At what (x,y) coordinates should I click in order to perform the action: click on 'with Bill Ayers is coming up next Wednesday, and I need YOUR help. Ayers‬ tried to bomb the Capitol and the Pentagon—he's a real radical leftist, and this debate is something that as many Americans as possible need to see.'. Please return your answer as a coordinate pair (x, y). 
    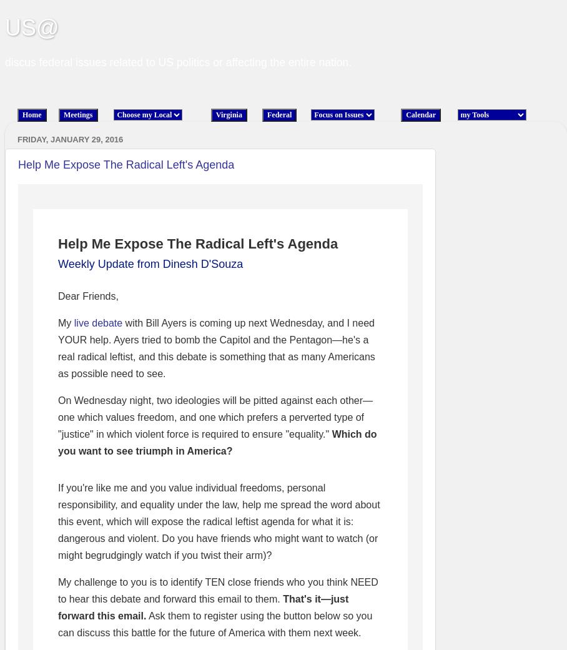
    Looking at the image, I should click on (216, 348).